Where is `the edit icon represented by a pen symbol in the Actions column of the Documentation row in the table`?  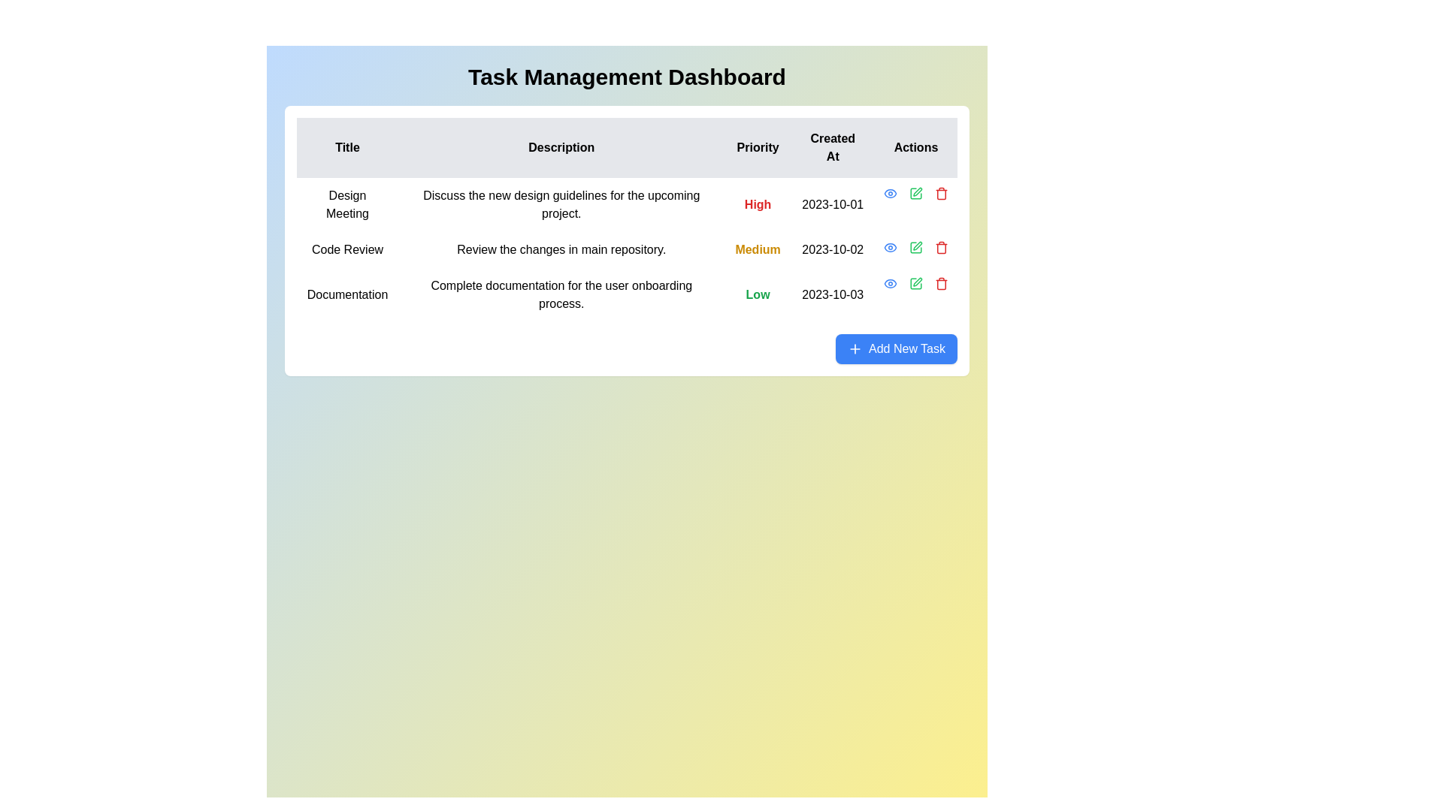 the edit icon represented by a pen symbol in the Actions column of the Documentation row in the table is located at coordinates (917, 282).